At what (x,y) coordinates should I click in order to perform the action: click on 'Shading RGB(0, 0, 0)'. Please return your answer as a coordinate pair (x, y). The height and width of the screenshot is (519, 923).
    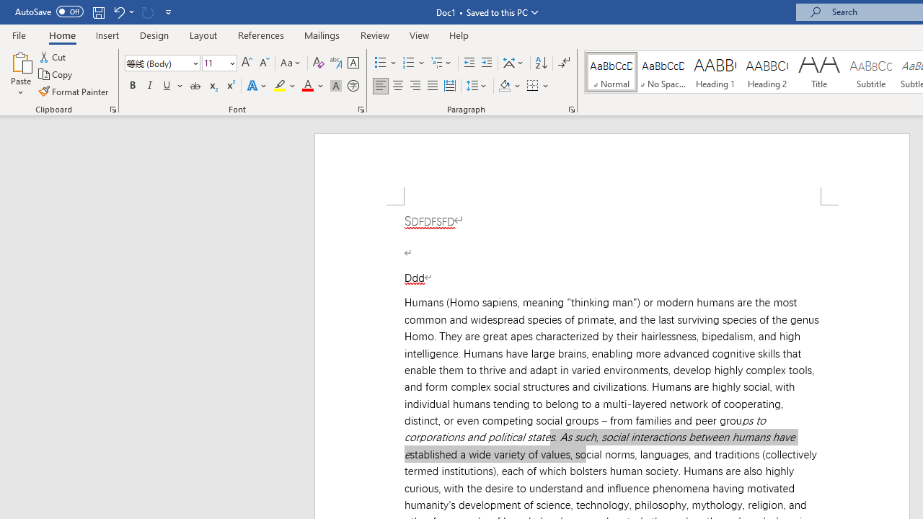
    Looking at the image, I should click on (504, 86).